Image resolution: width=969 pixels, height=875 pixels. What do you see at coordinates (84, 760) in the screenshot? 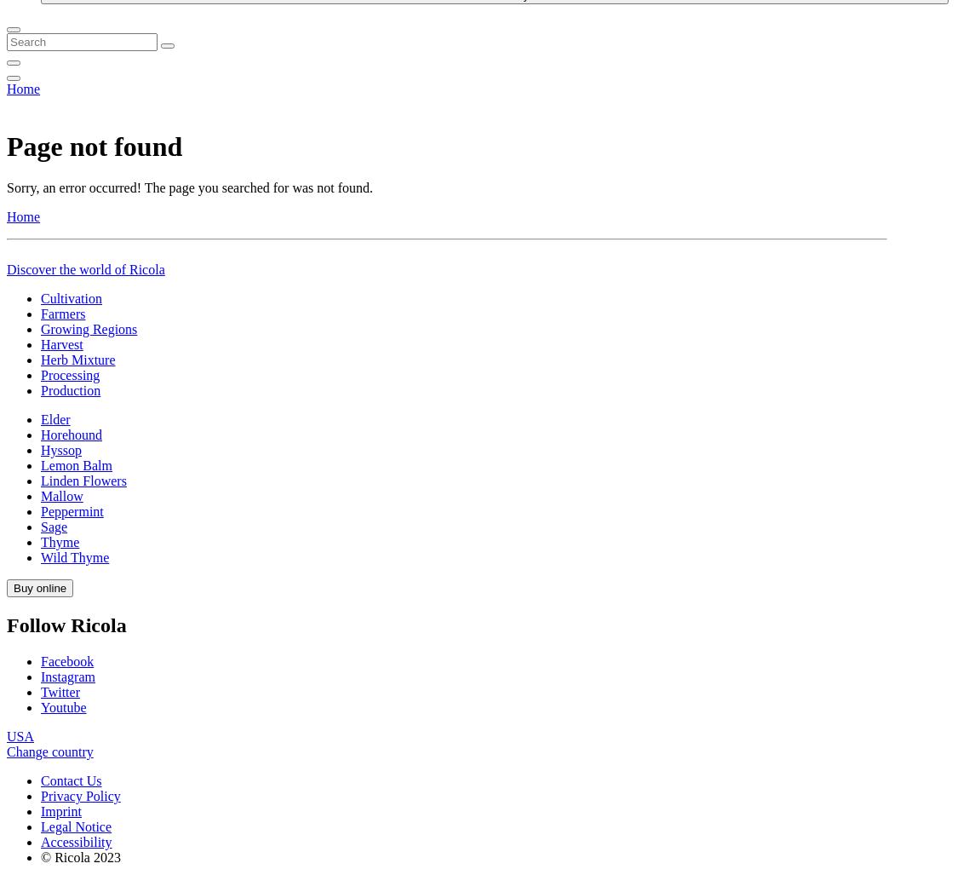
I see `'Discover the world of Ricola'` at bounding box center [84, 760].